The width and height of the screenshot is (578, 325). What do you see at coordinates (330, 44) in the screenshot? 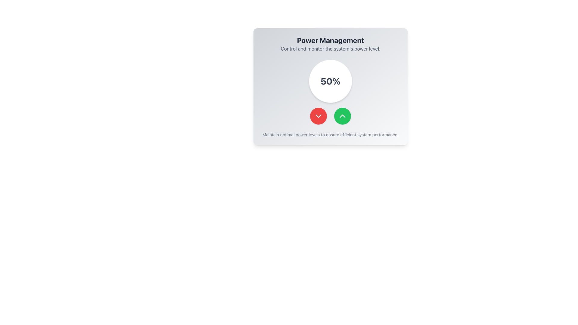
I see `the 'Power Management' text block, which features a bold header and a lighter gray subtitle` at bounding box center [330, 44].